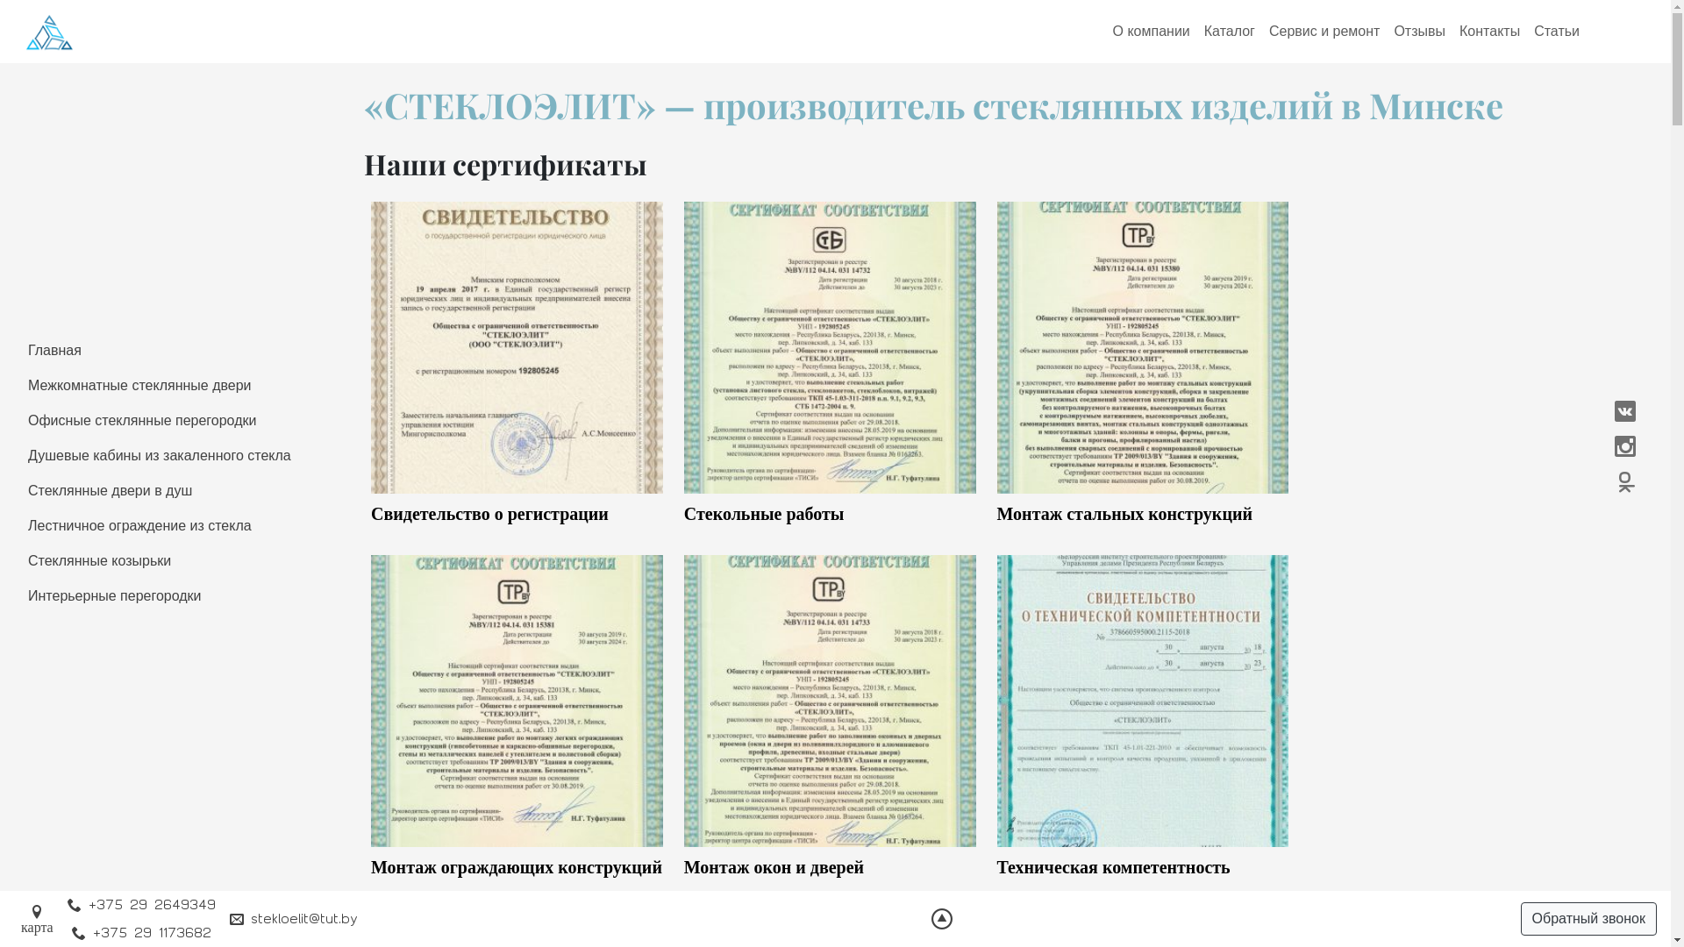 This screenshot has height=947, width=1684. I want to click on 'phone +375 29 2649349', so click(141, 905).